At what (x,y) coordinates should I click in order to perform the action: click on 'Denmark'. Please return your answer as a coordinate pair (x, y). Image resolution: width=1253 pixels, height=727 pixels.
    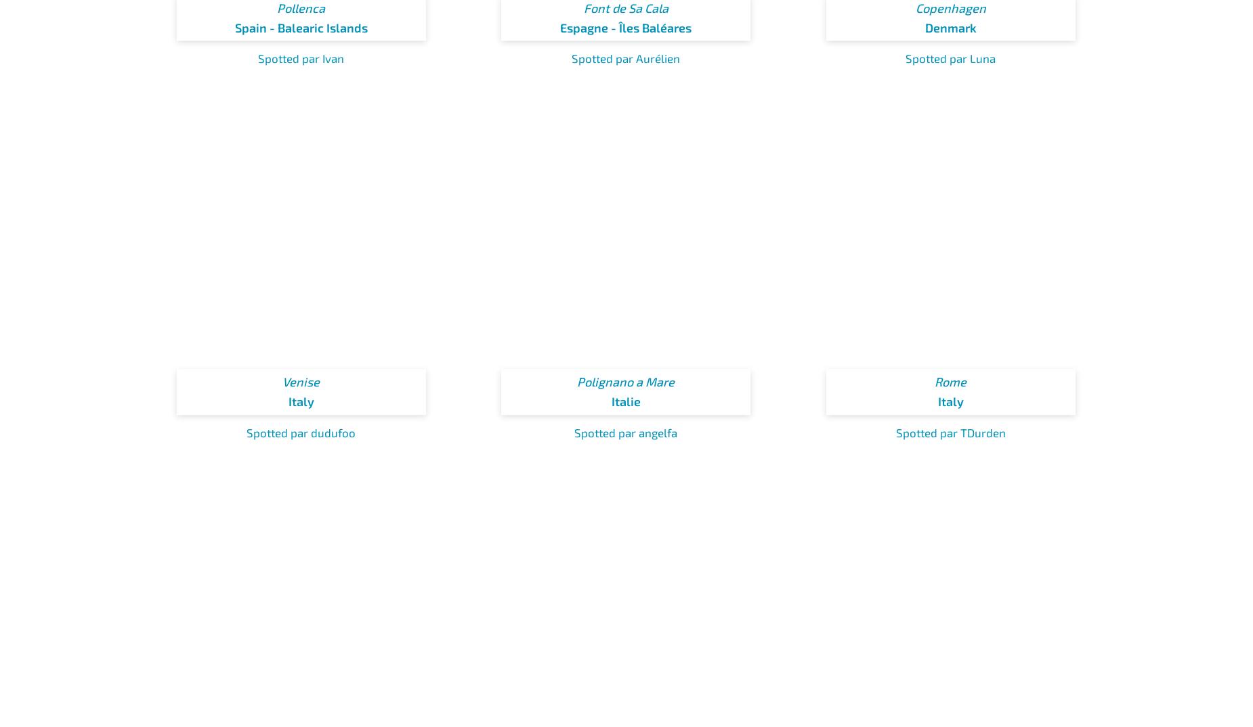
    Looking at the image, I should click on (950, 26).